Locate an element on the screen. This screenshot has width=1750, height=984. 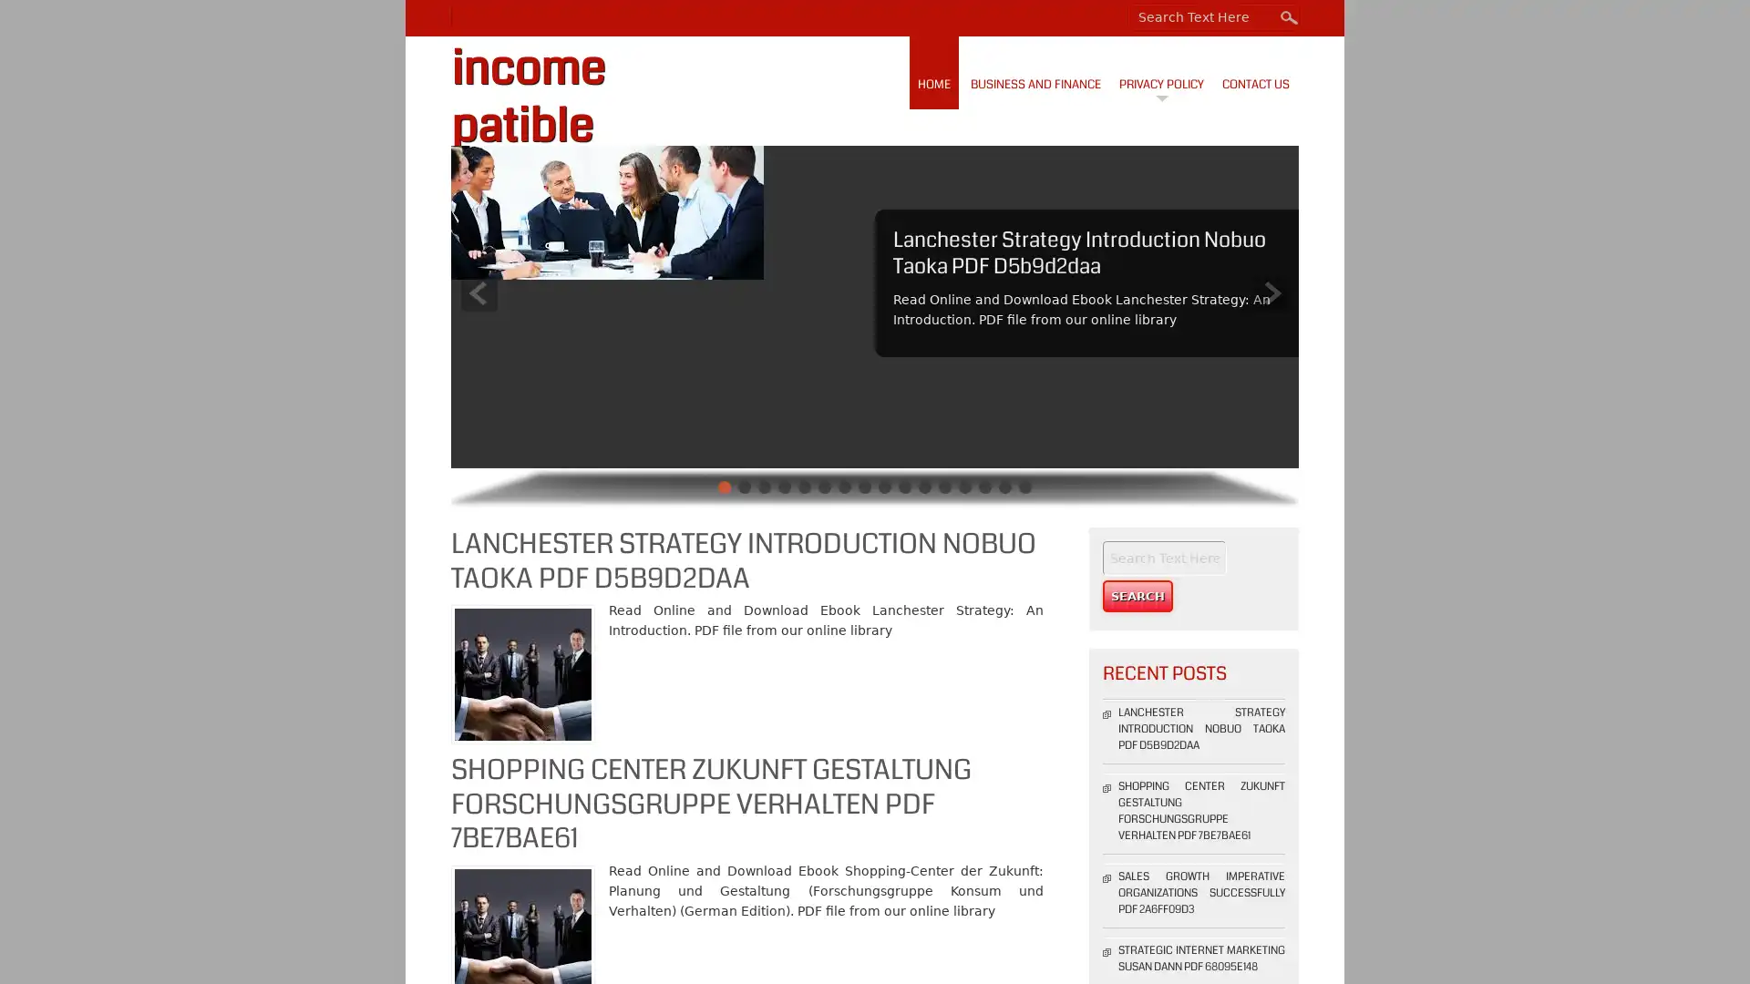
Search is located at coordinates (1137, 596).